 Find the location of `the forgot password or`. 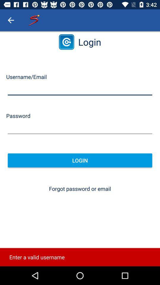

the forgot password or is located at coordinates (80, 188).